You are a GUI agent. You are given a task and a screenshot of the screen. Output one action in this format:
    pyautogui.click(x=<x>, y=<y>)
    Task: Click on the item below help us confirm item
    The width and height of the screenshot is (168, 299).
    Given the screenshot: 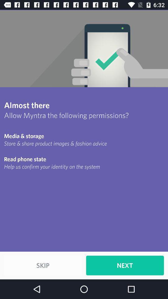 What is the action you would take?
    pyautogui.click(x=43, y=265)
    